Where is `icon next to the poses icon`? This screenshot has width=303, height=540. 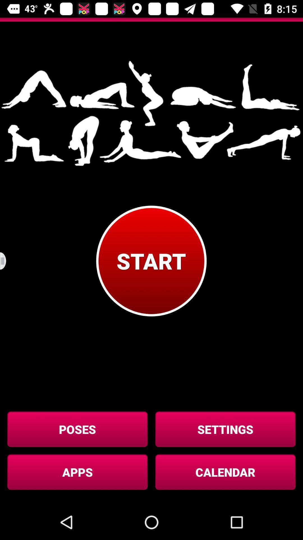 icon next to the poses icon is located at coordinates (225, 429).